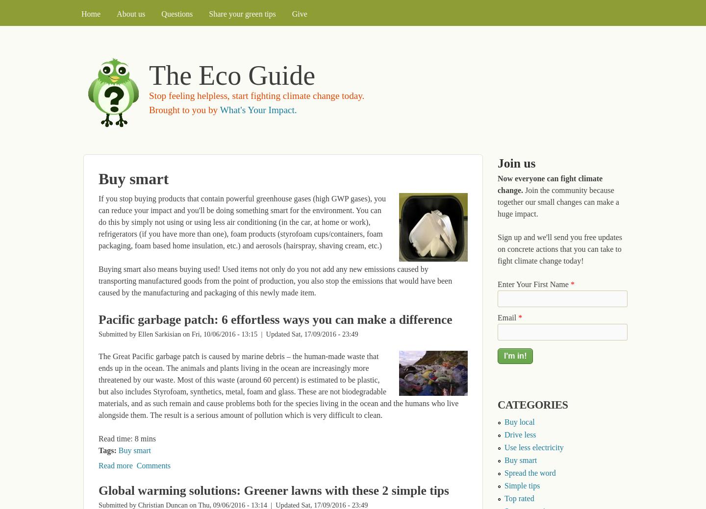 This screenshot has width=706, height=509. I want to click on 'Comments', so click(153, 465).